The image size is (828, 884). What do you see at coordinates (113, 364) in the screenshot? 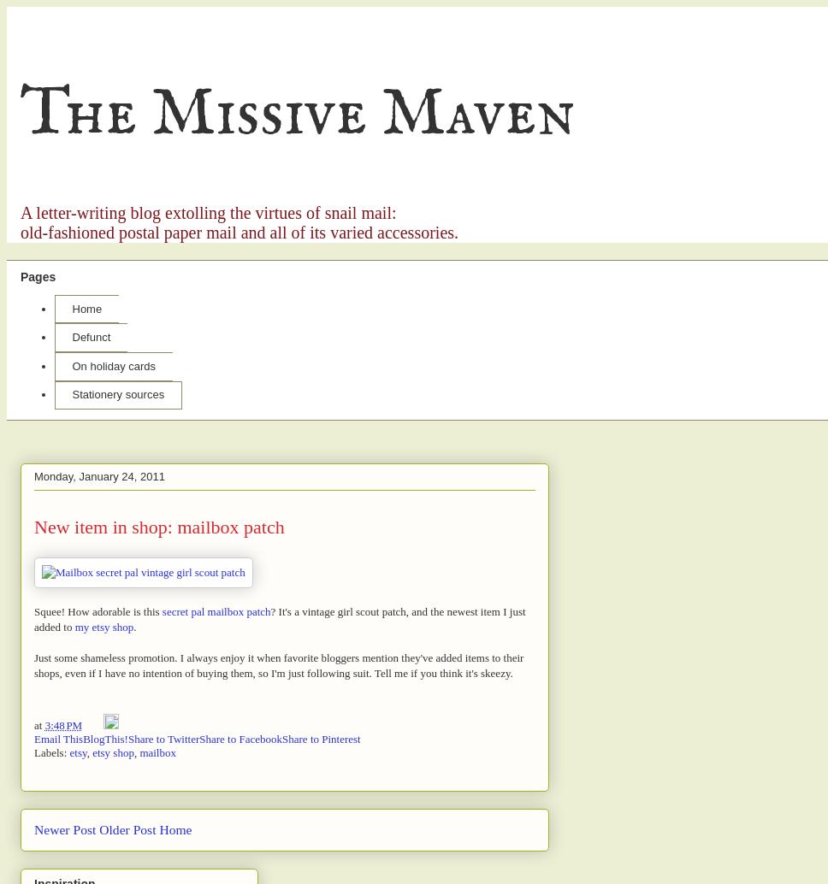
I see `'On holiday cards'` at bounding box center [113, 364].